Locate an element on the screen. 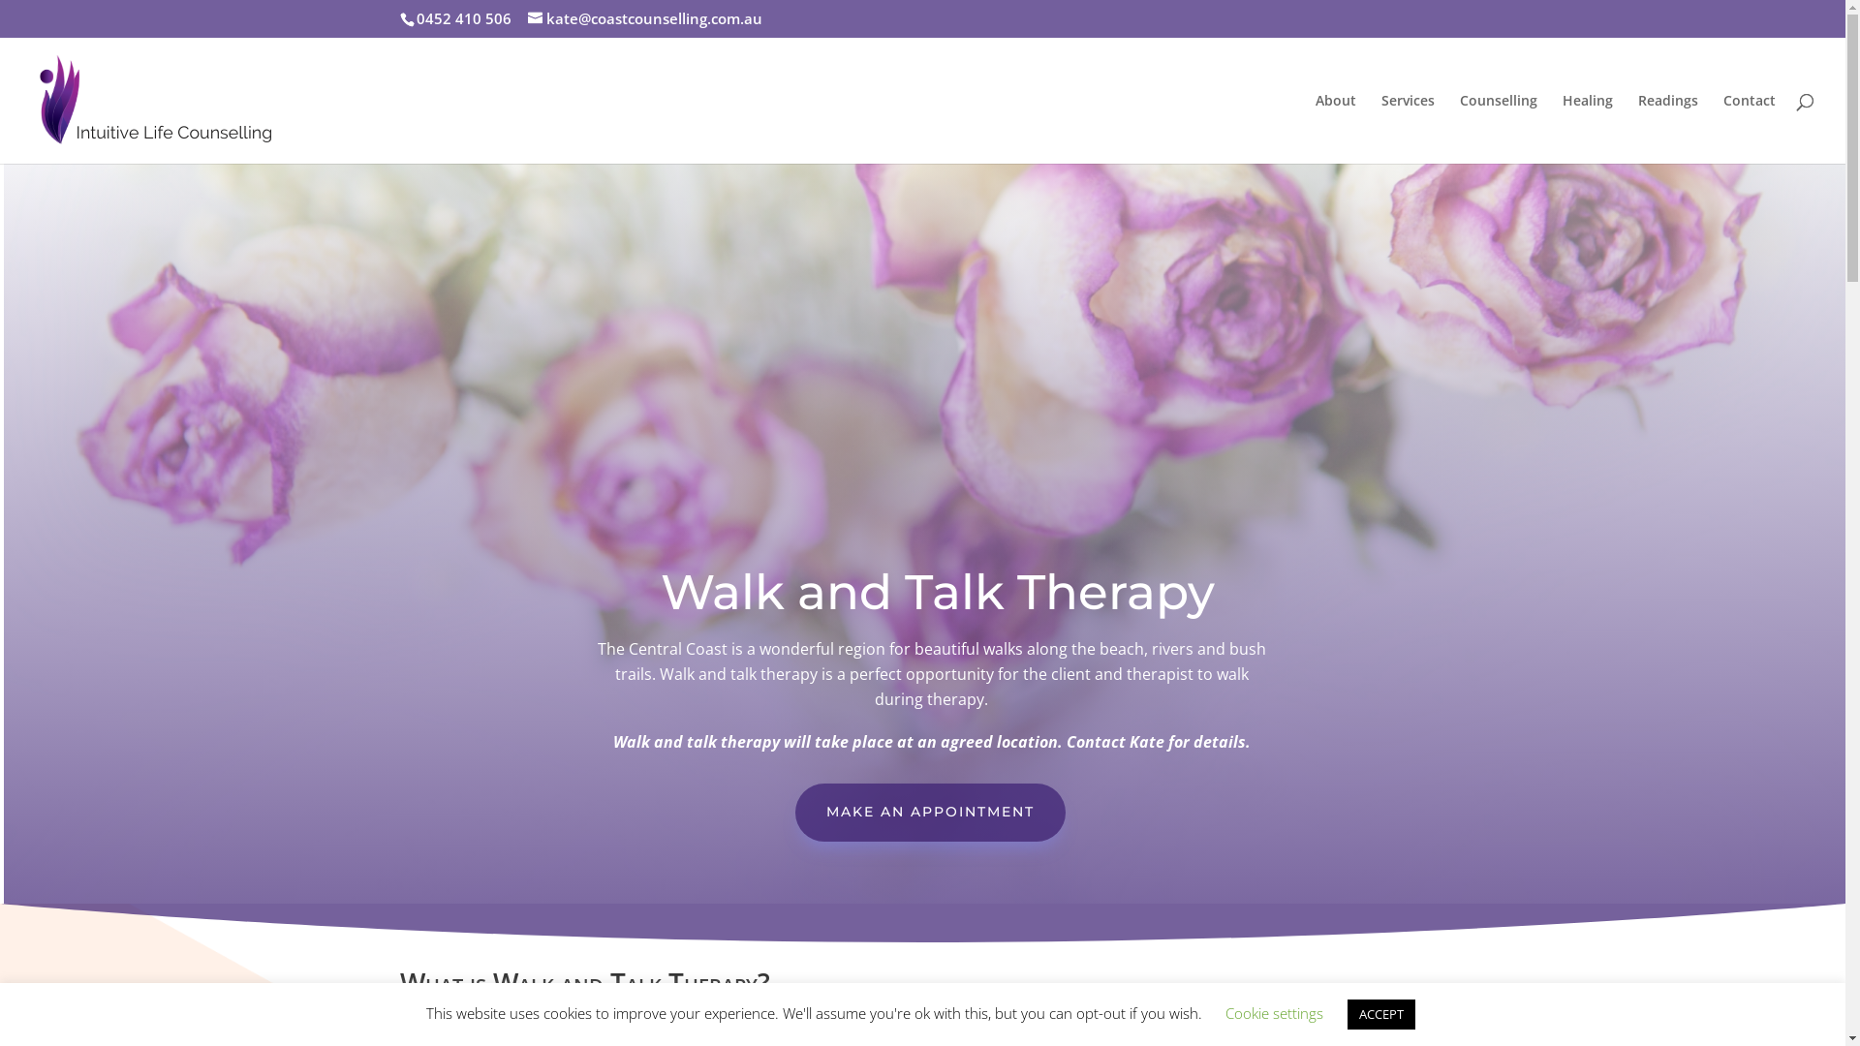  'Contact' is located at coordinates (1723, 127).